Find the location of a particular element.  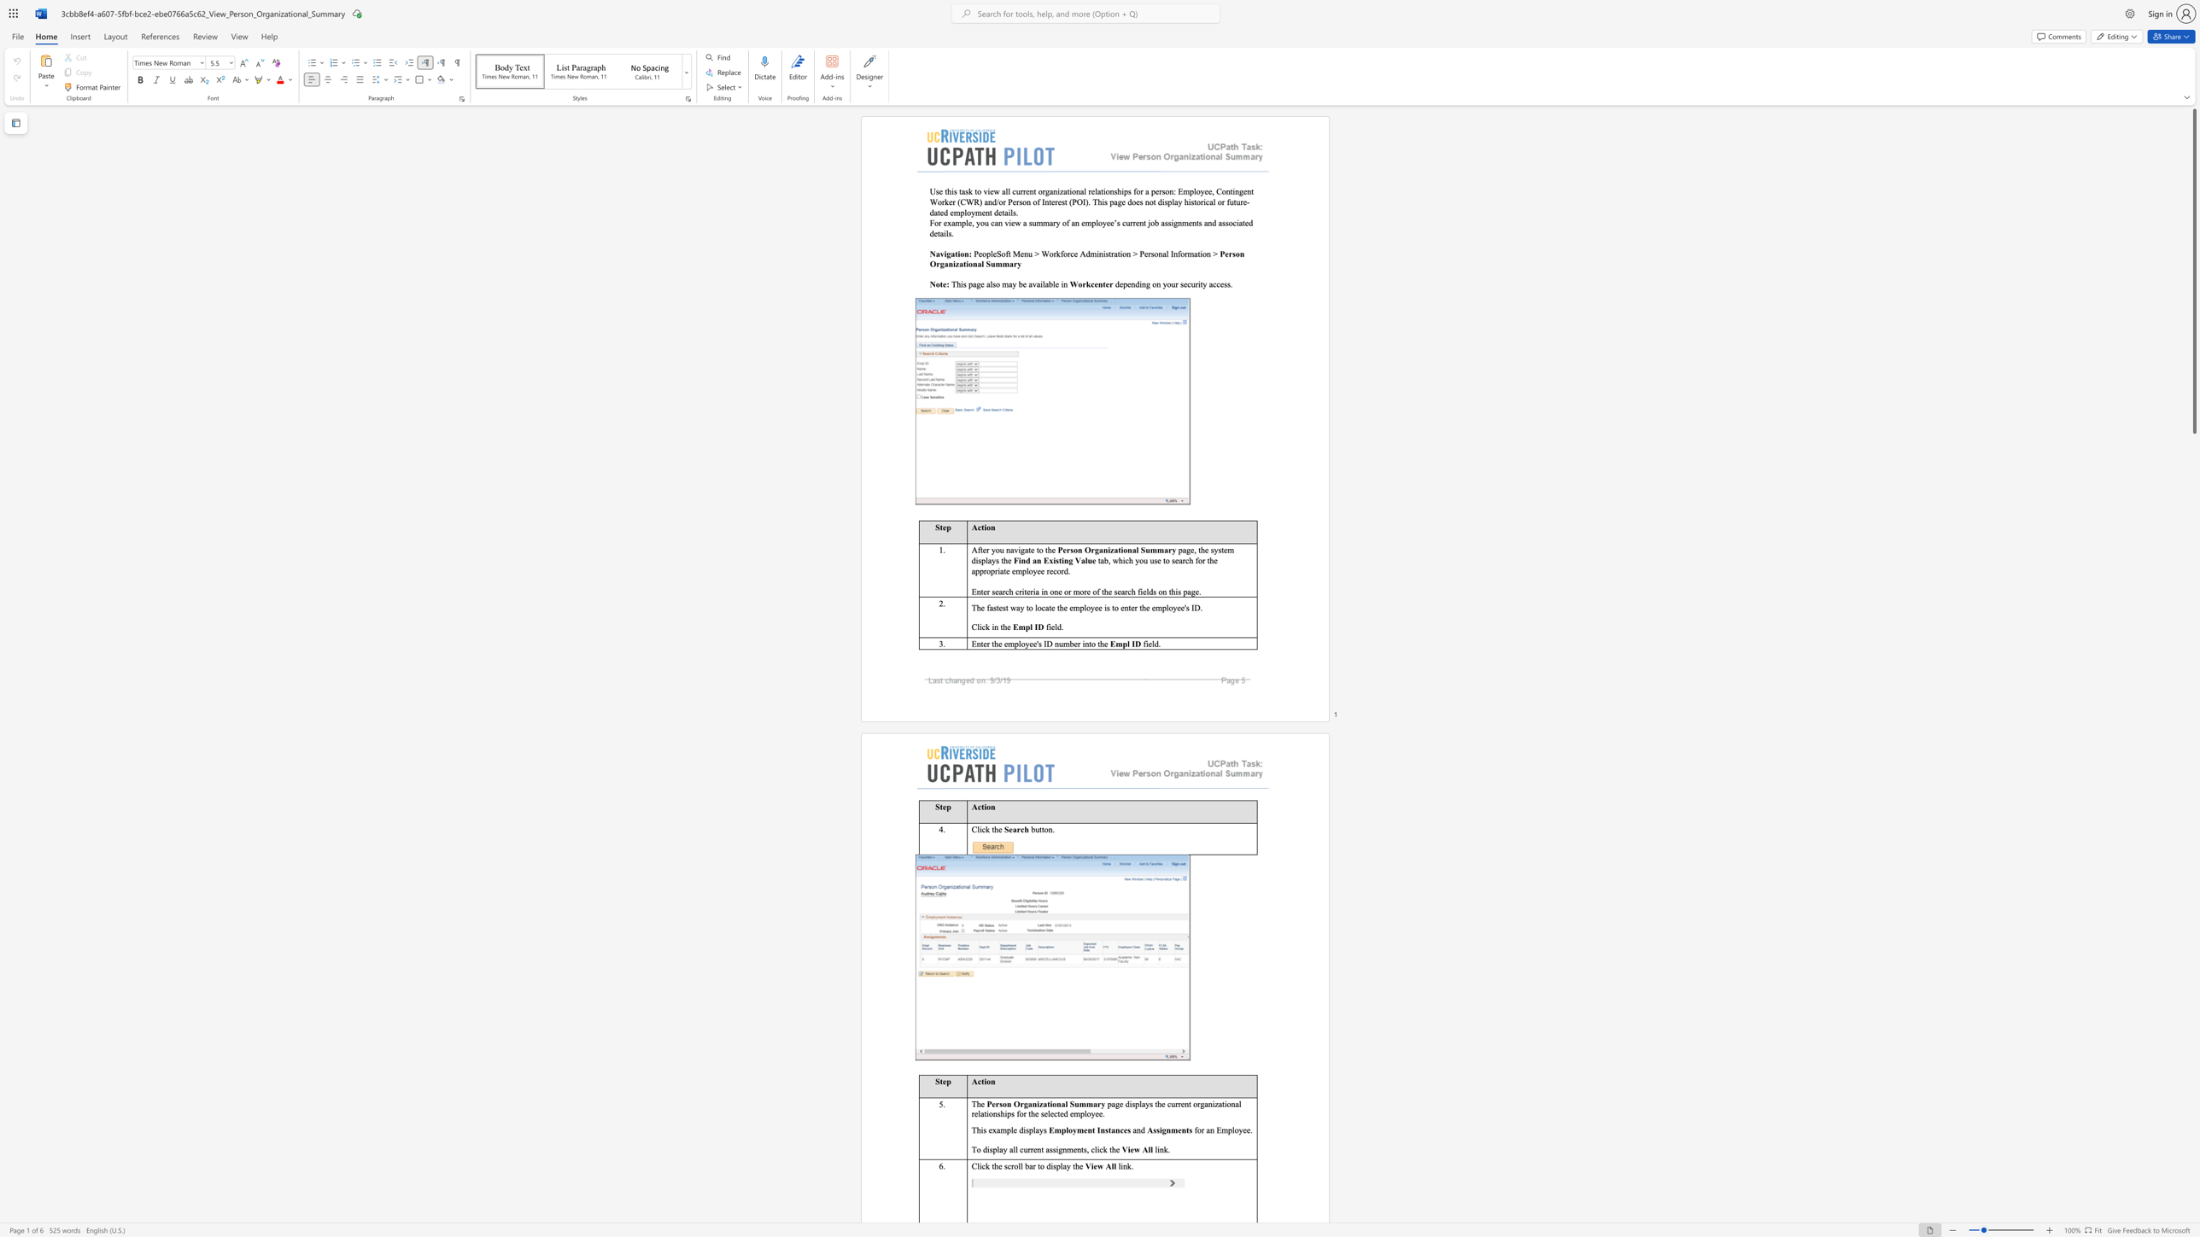

the subset text "vigatio" within the text "Navigation:" is located at coordinates (939, 254).